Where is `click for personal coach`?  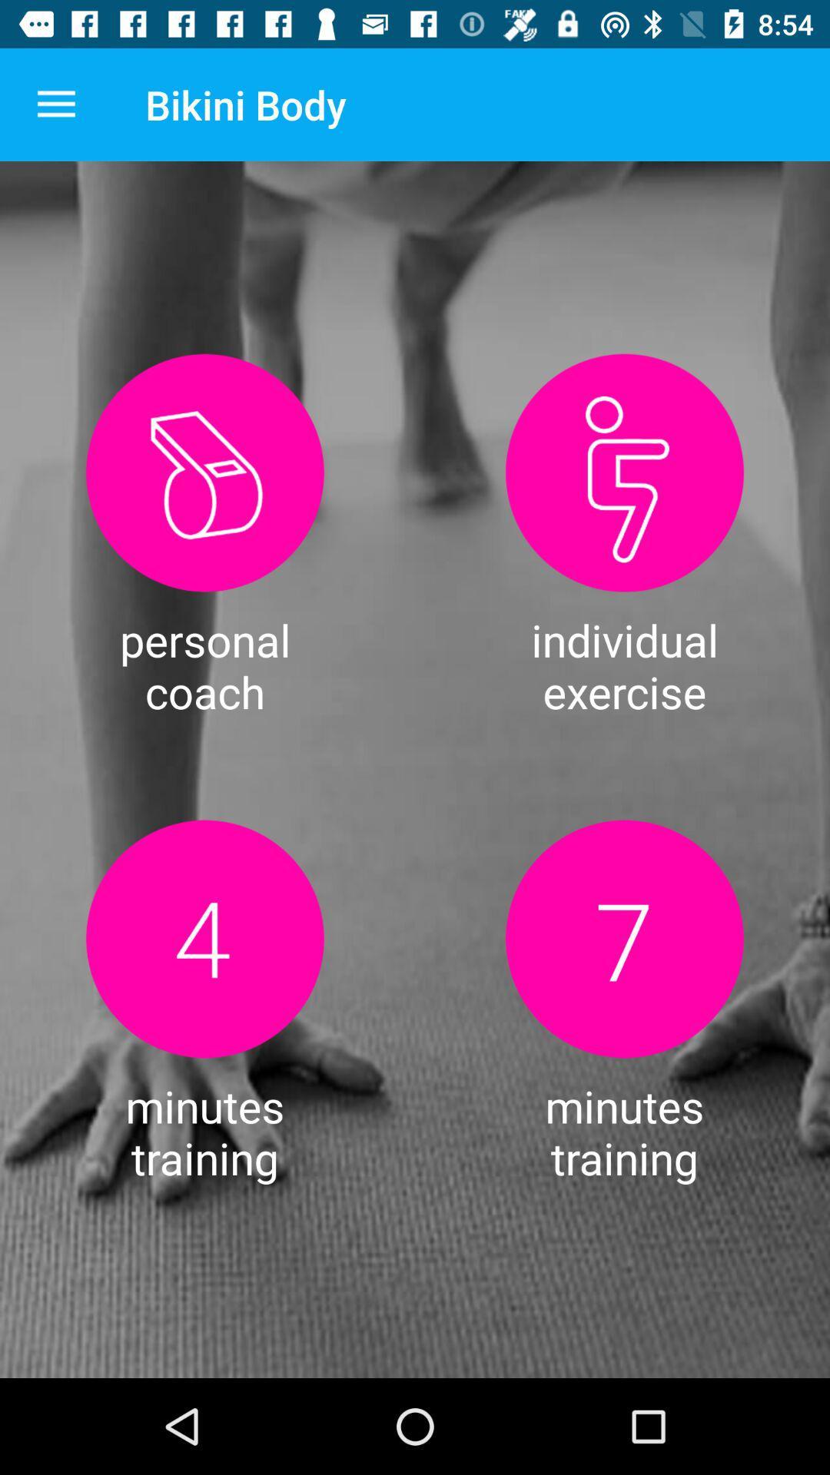
click for personal coach is located at coordinates (204, 472).